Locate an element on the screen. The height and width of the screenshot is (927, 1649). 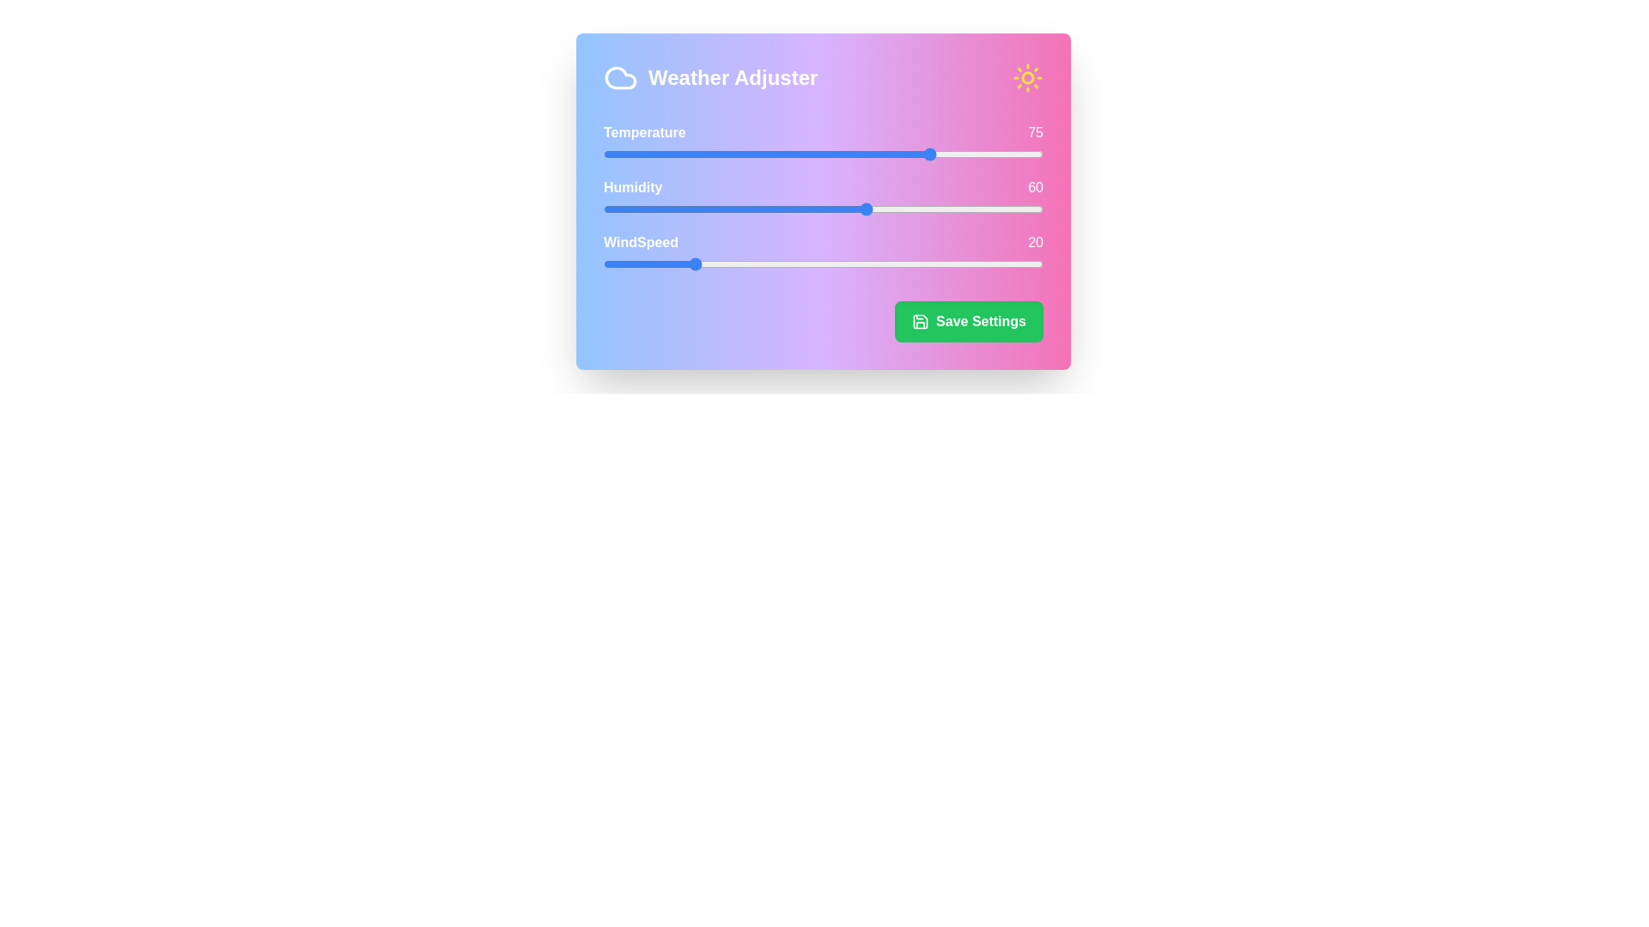
the temperature slider is located at coordinates (612, 154).